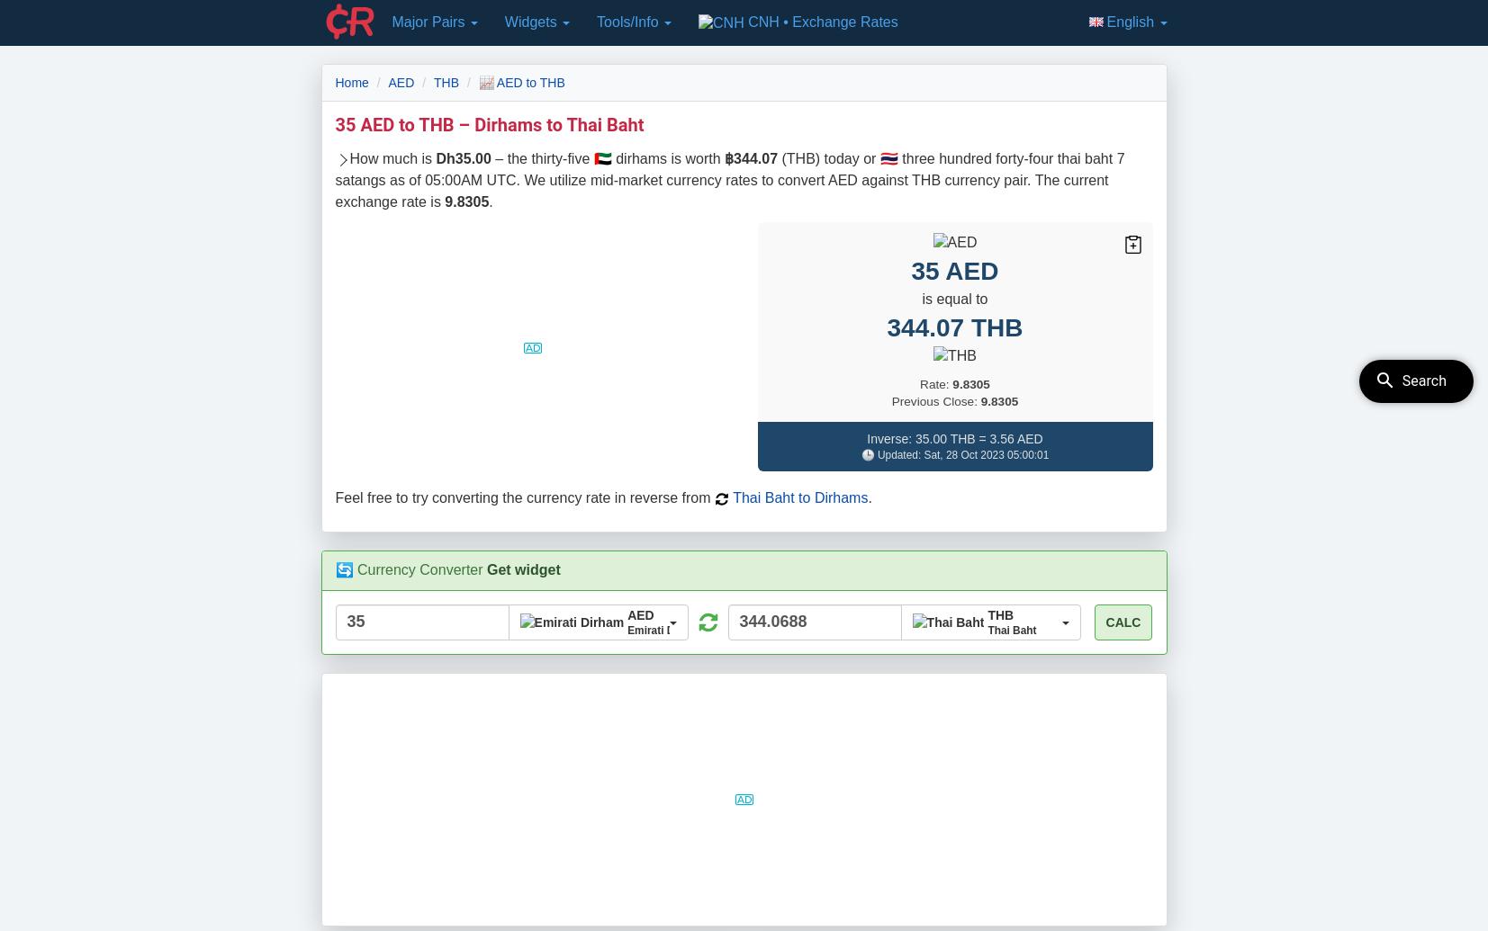 This screenshot has width=1488, height=931. What do you see at coordinates (428, 22) in the screenshot?
I see `'Major Pairs'` at bounding box center [428, 22].